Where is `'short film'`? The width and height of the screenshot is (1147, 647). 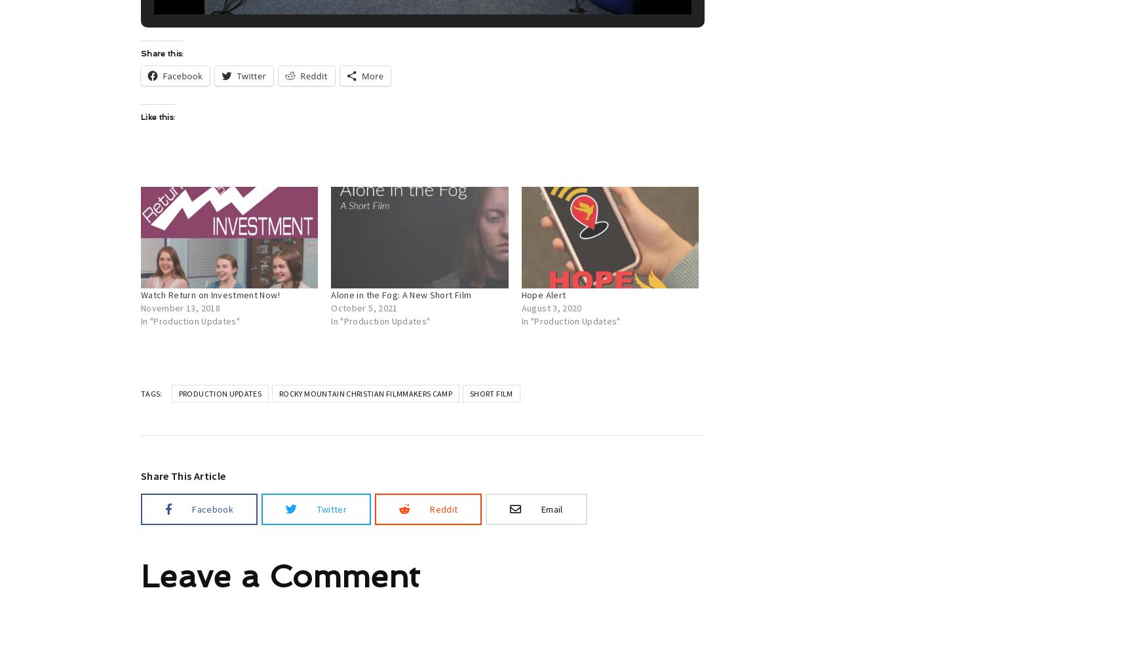 'short film' is located at coordinates (491, 392).